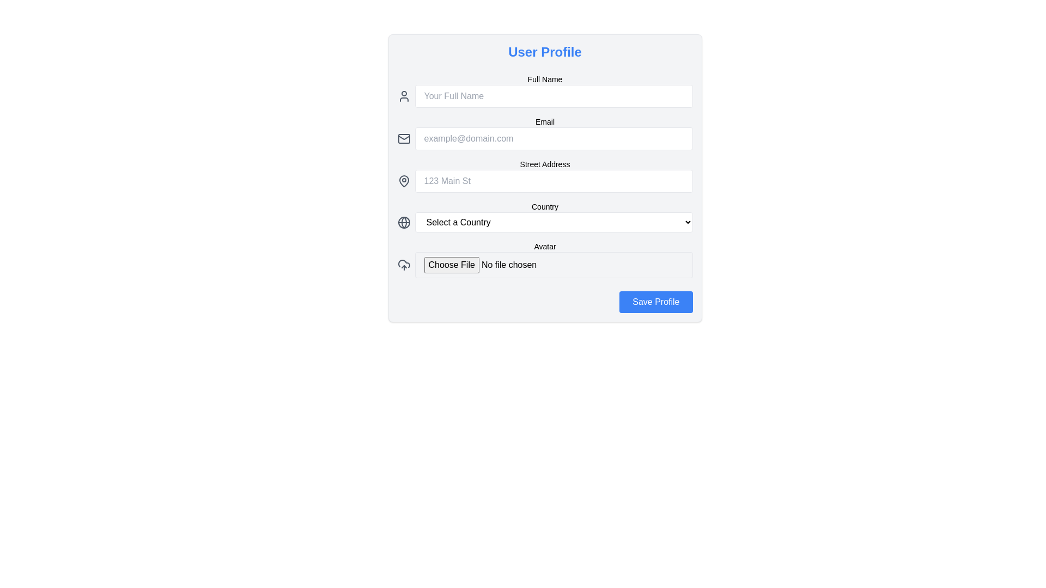 The width and height of the screenshot is (1046, 588). What do you see at coordinates (403, 180) in the screenshot?
I see `the location marker icon, which is a grey teardrop-shaped icon positioned to the left of the 'Street Address' text input field in the 'User Profile' form` at bounding box center [403, 180].